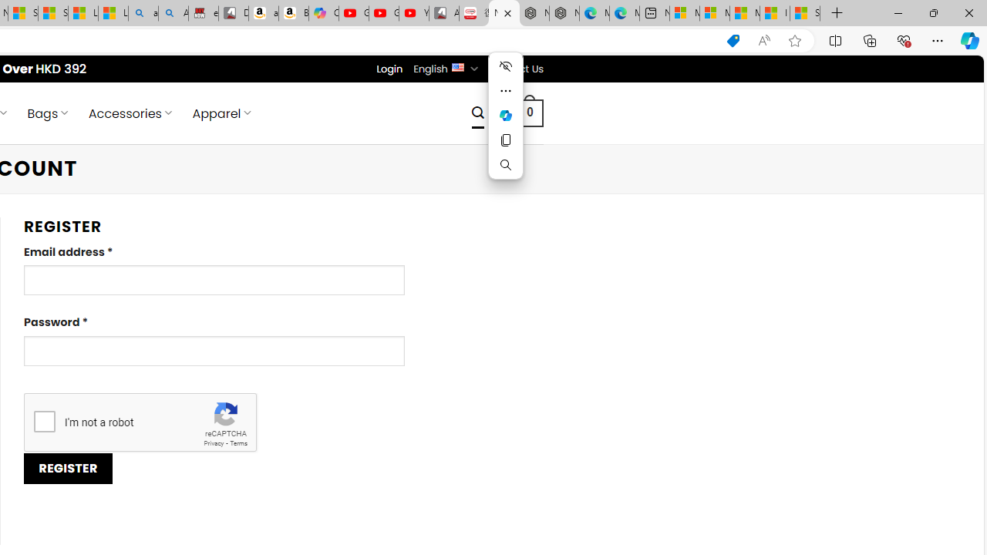 The height and width of the screenshot is (555, 987). Describe the element at coordinates (389, 68) in the screenshot. I see `'Login'` at that location.